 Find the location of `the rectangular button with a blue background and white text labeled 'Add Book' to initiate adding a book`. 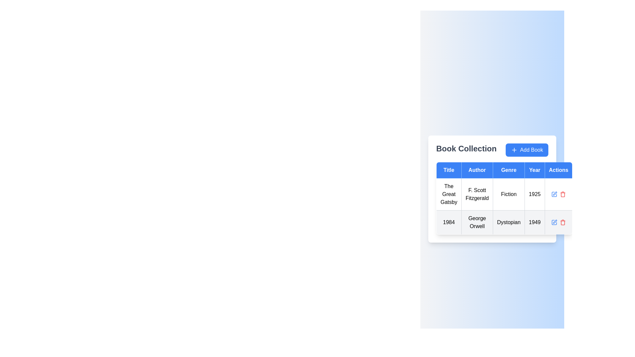

the rectangular button with a blue background and white text labeled 'Add Book' to initiate adding a book is located at coordinates (527, 150).